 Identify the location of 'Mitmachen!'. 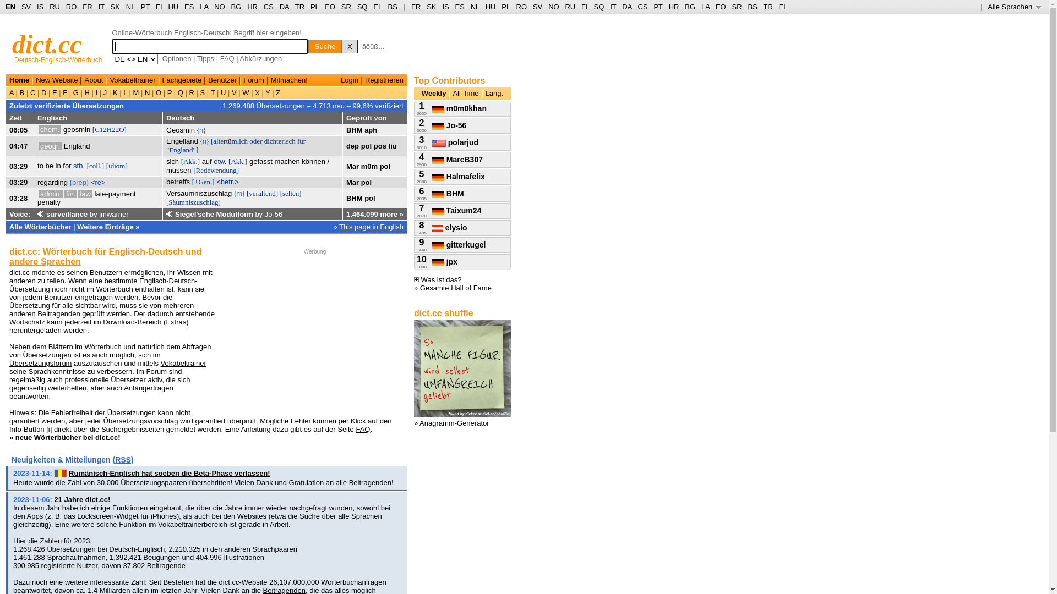
(289, 79).